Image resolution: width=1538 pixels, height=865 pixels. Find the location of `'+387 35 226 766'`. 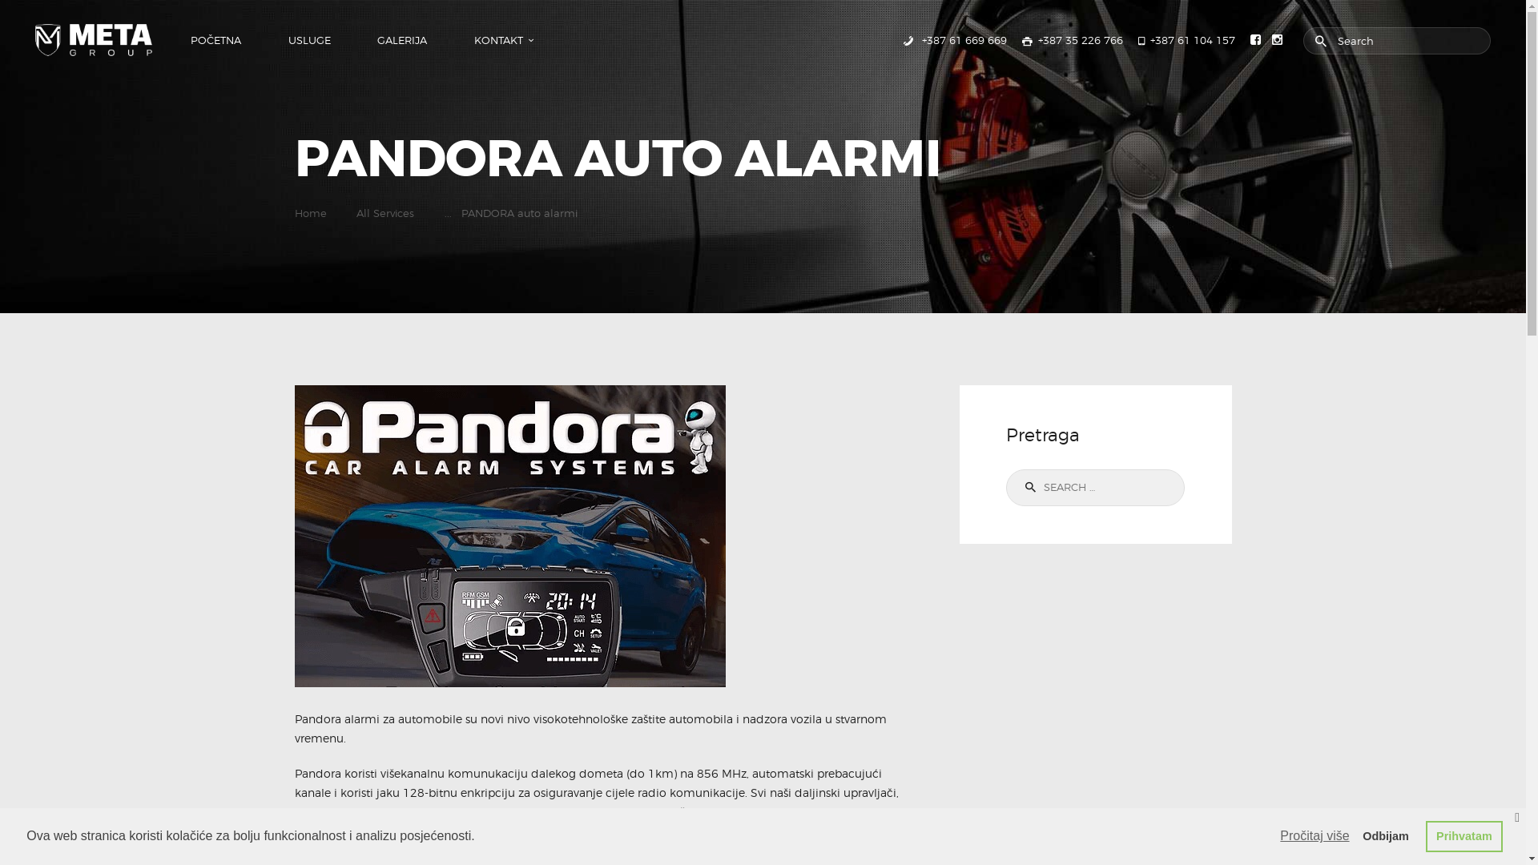

'+387 35 226 766' is located at coordinates (1073, 39).